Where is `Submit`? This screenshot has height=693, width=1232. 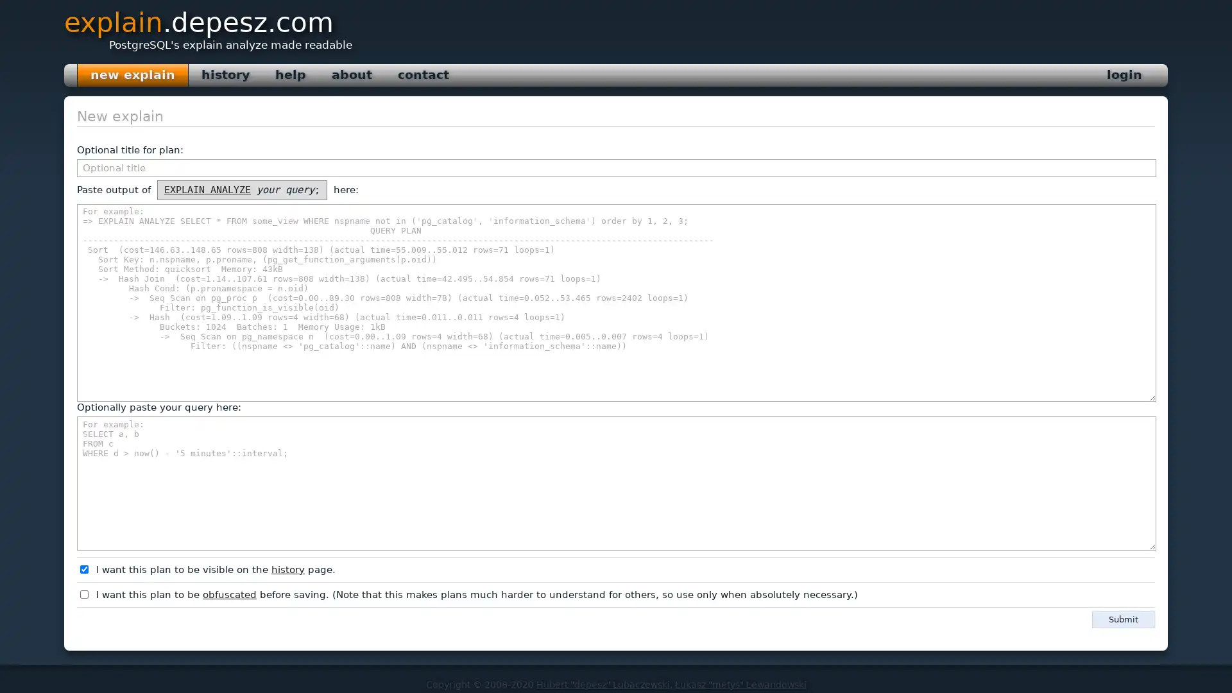
Submit is located at coordinates (1123, 618).